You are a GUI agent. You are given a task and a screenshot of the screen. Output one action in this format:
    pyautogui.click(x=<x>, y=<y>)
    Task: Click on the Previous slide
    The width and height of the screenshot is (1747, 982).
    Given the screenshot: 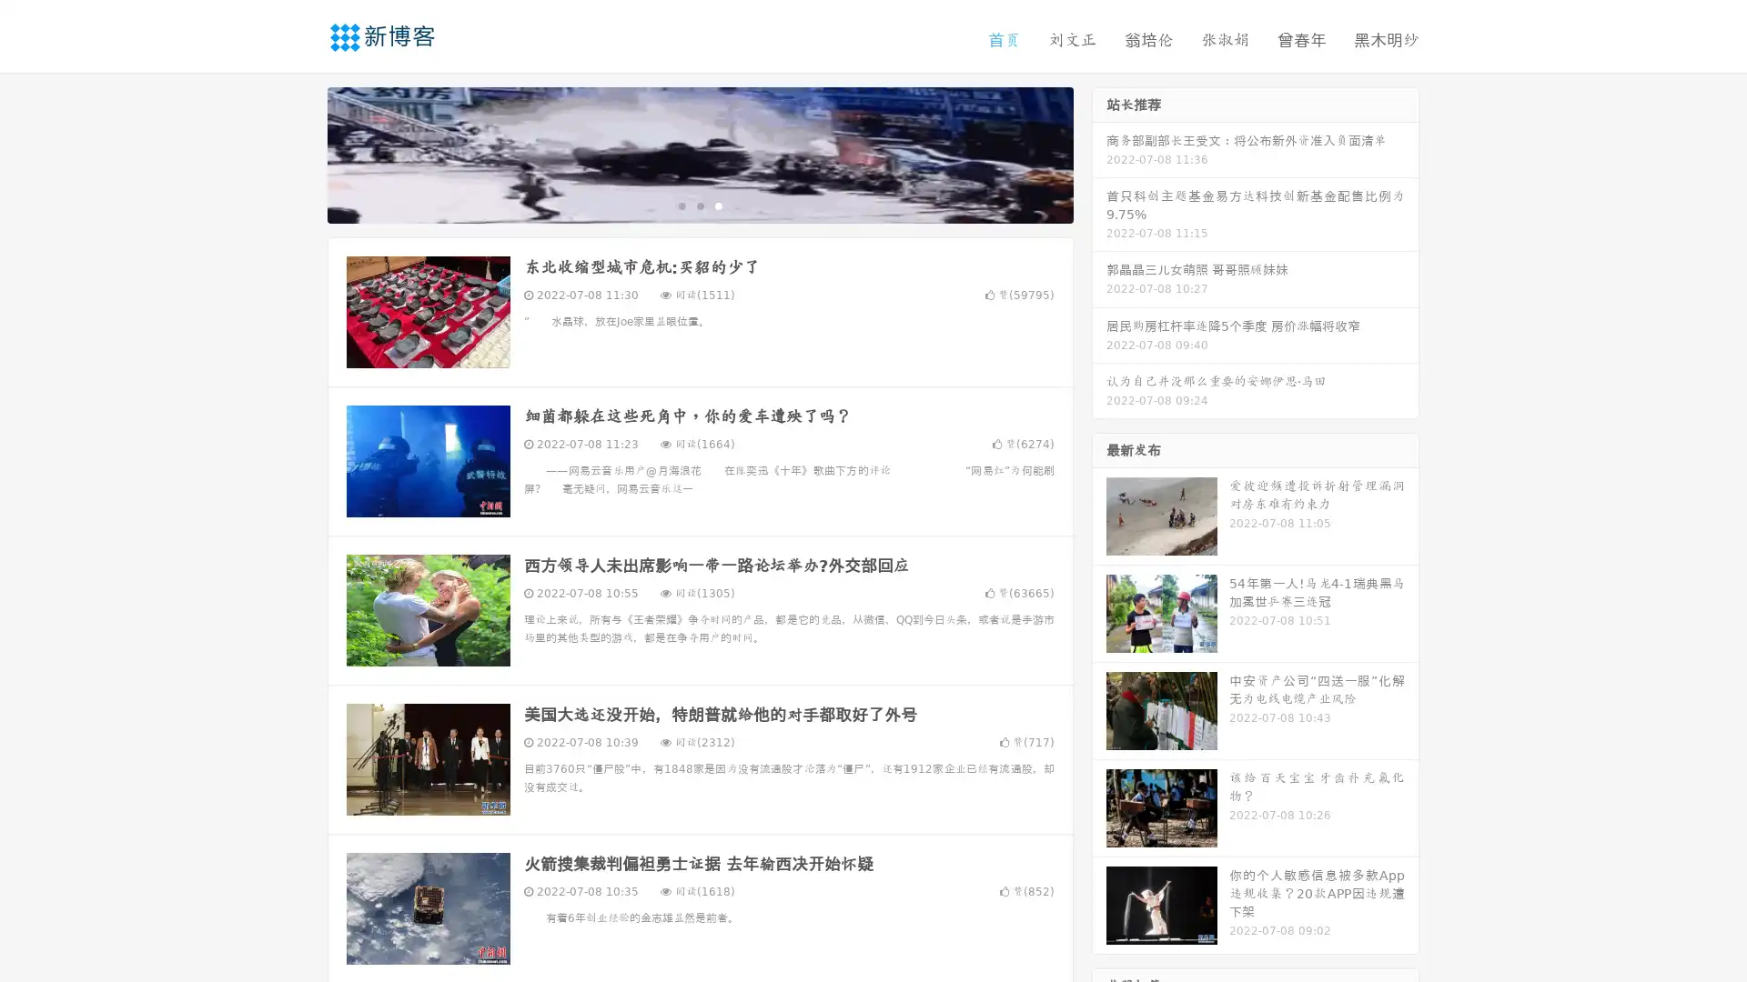 What is the action you would take?
    pyautogui.click(x=300, y=153)
    